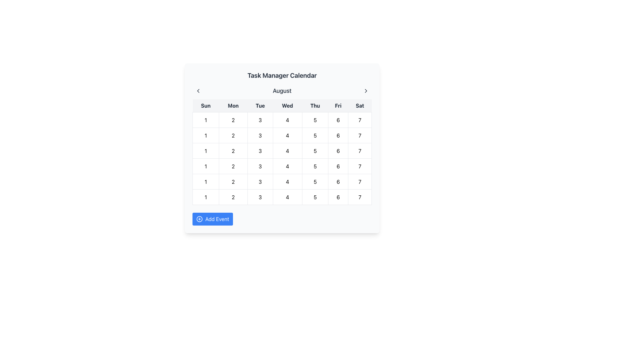  Describe the element at coordinates (287, 182) in the screenshot. I see `the Calendar Date Cell representing the fourth day of the month in the 'Task Manager Calendar' interface` at that location.